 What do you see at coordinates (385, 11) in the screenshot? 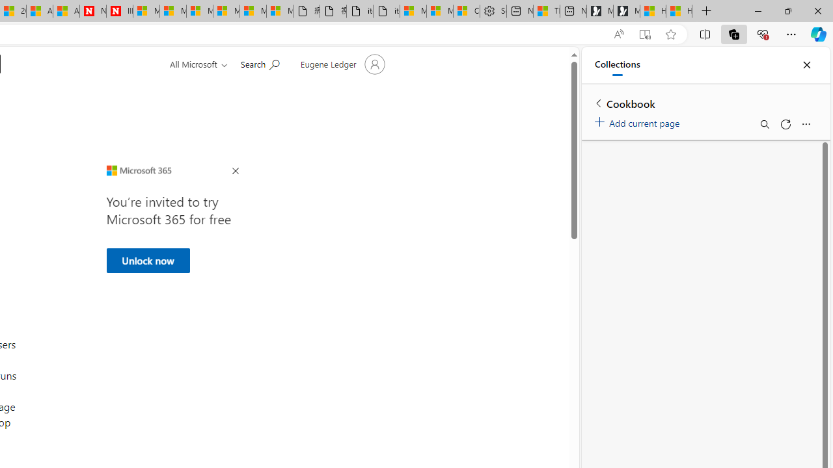
I see `'itconcepthk.com/projector_solutions.mp4'` at bounding box center [385, 11].